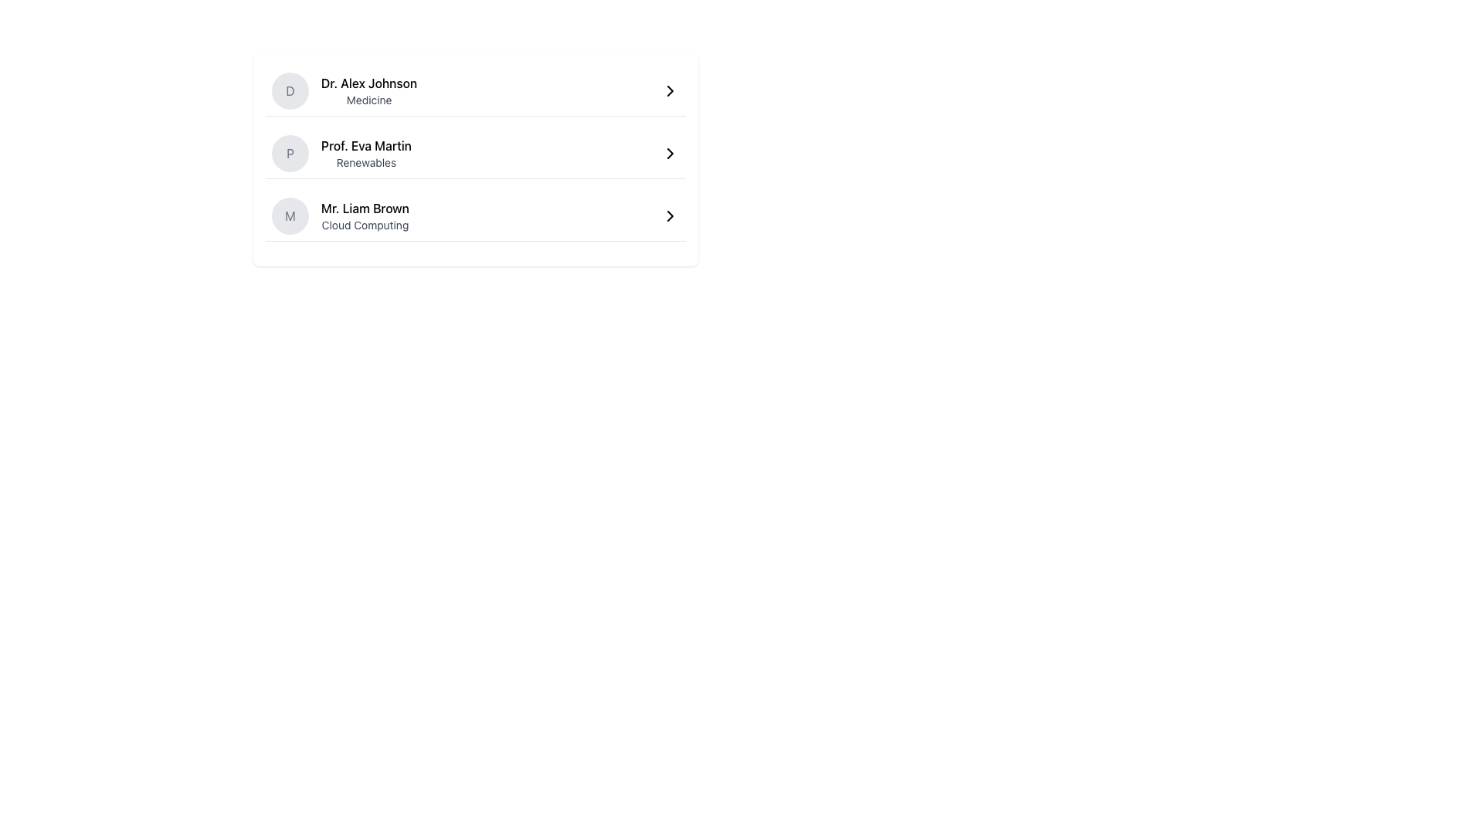  I want to click on text label displaying 'Cloud Computing' located below the 'Mr. Liam Brown' name label in the third entry of the list, so click(364, 225).